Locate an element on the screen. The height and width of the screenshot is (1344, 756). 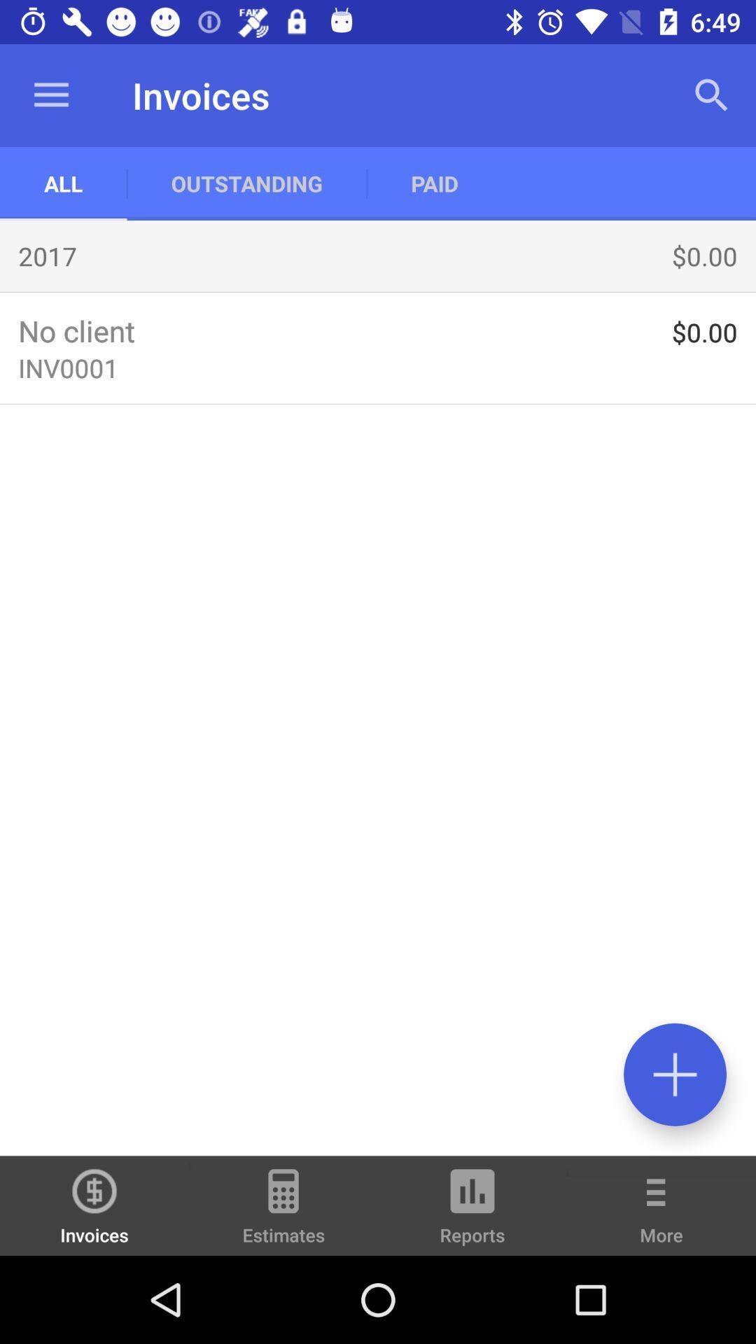
the item to the right of reports is located at coordinates (661, 1215).